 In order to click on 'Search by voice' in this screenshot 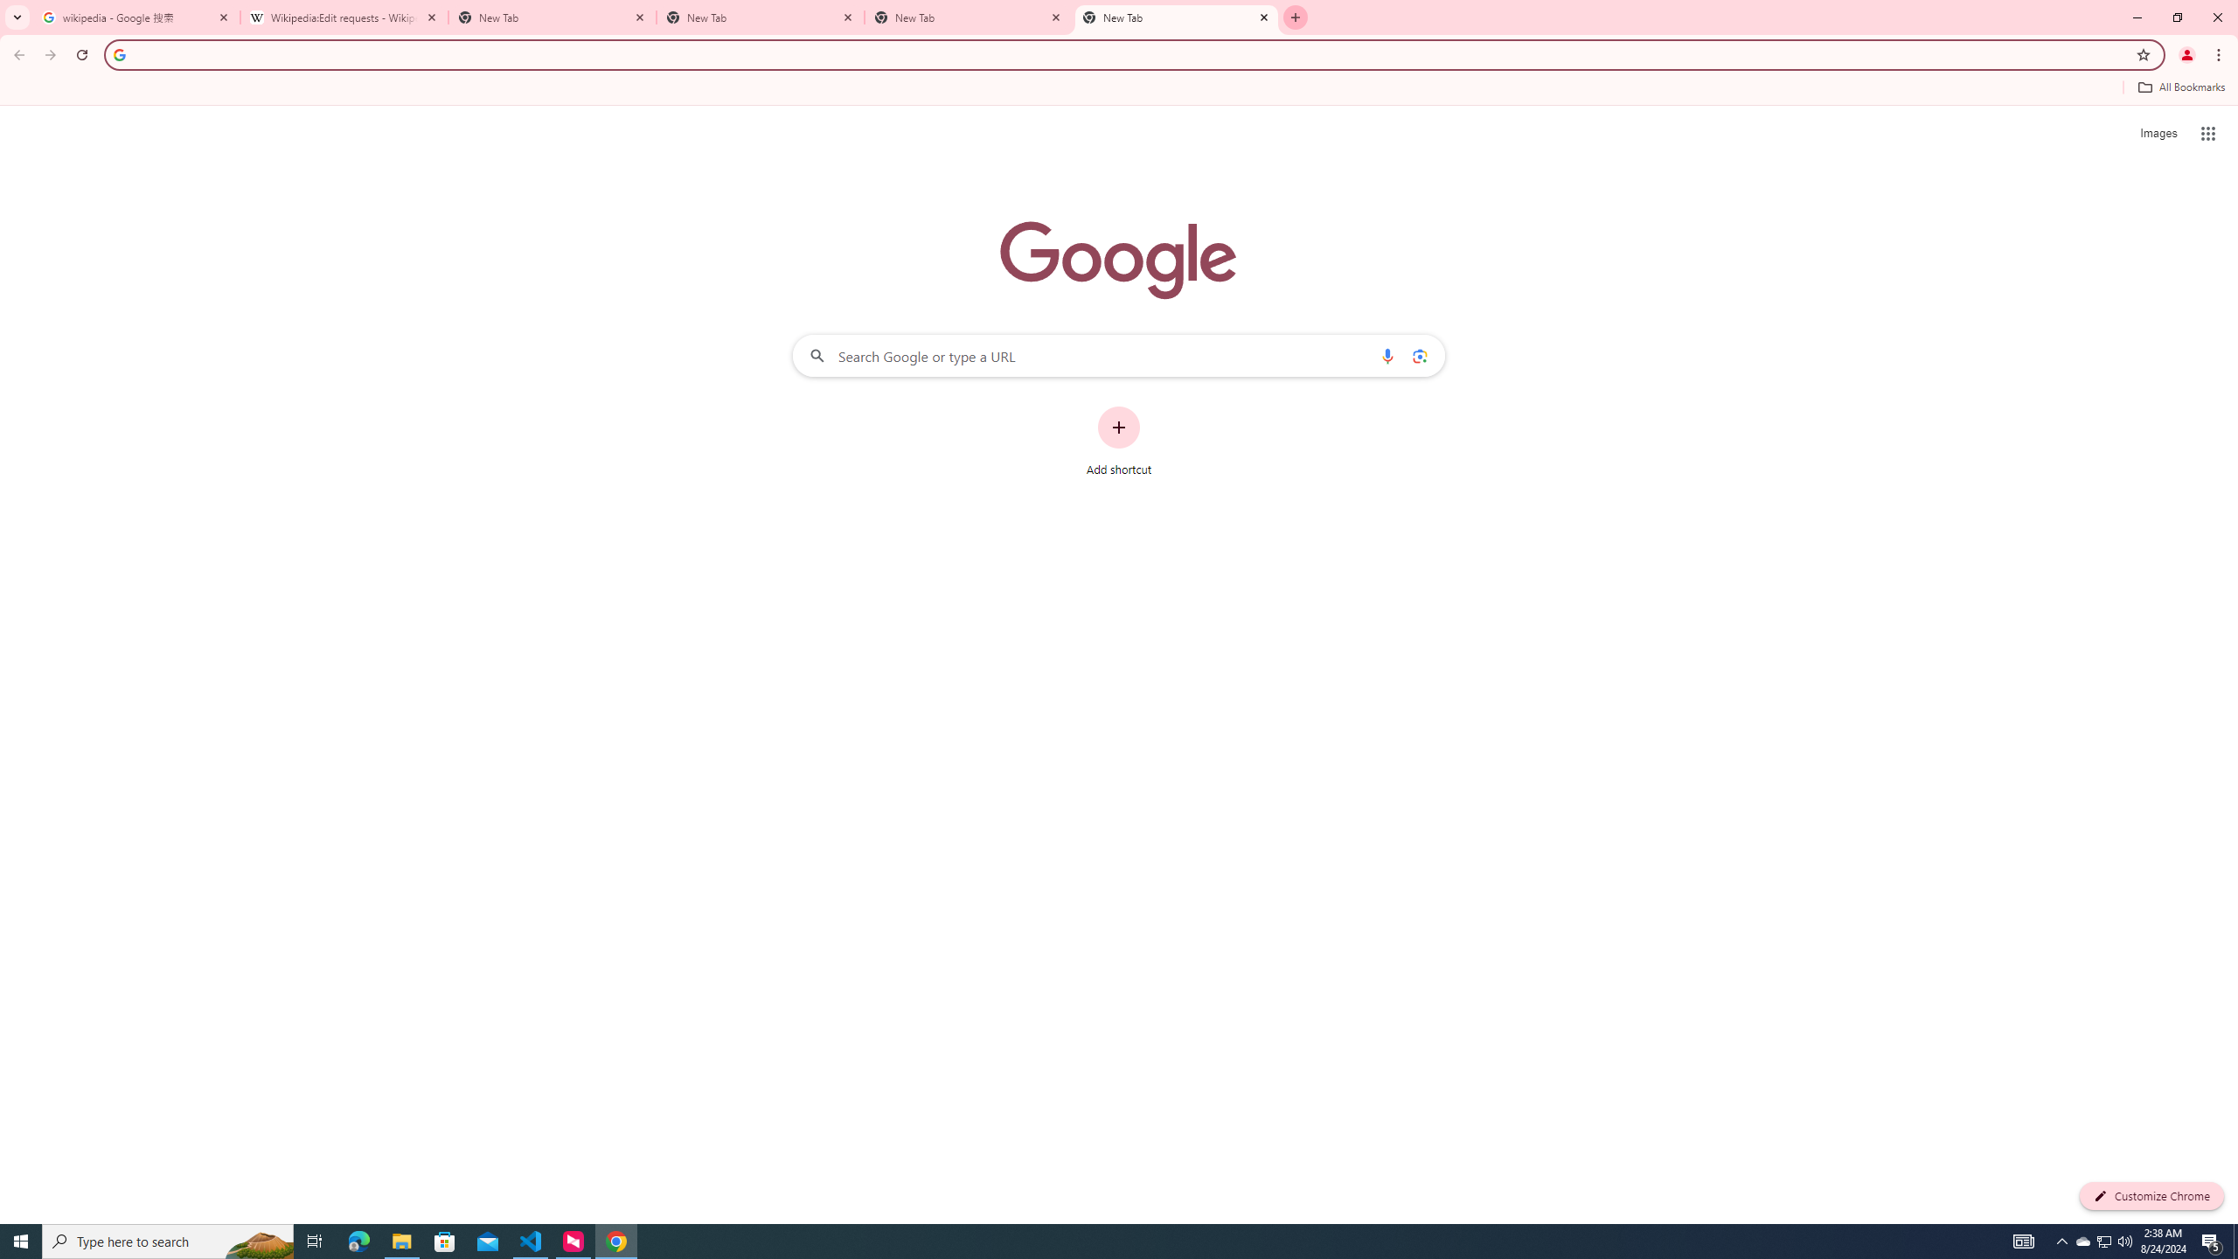, I will do `click(1387, 354)`.